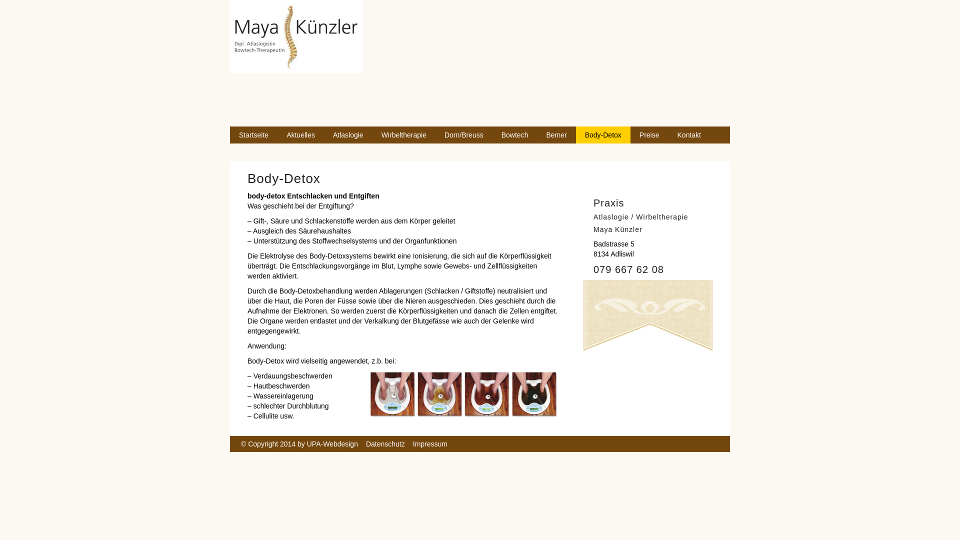 Image resolution: width=960 pixels, height=540 pixels. Describe the element at coordinates (348, 135) in the screenshot. I see `'Atlaslogie'` at that location.